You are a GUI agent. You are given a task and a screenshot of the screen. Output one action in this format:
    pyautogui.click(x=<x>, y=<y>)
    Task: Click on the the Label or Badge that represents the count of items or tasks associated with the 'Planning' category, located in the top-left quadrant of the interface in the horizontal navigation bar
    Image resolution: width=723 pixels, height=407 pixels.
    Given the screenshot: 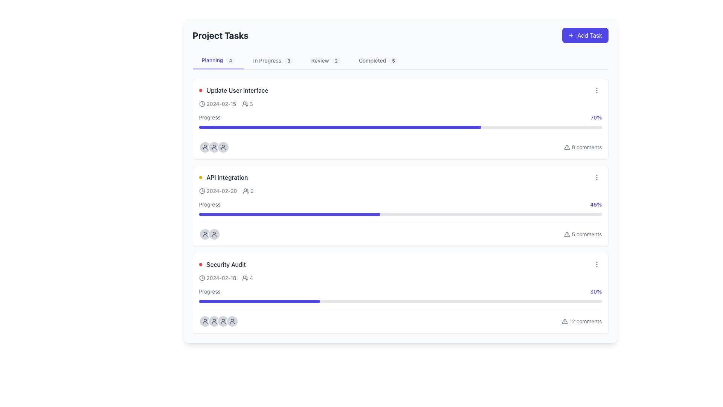 What is the action you would take?
    pyautogui.click(x=230, y=60)
    